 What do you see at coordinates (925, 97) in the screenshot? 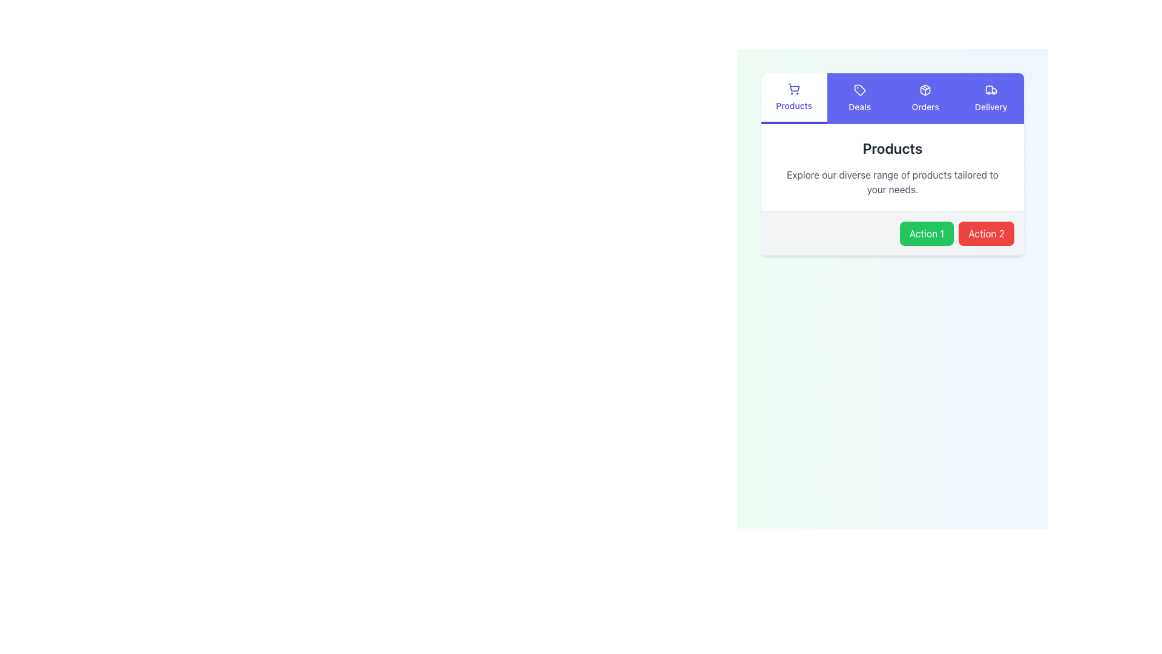
I see `the 'Orders' button, which is a rectangular card with a violet background and a package icon, located in the navigation menu` at bounding box center [925, 97].